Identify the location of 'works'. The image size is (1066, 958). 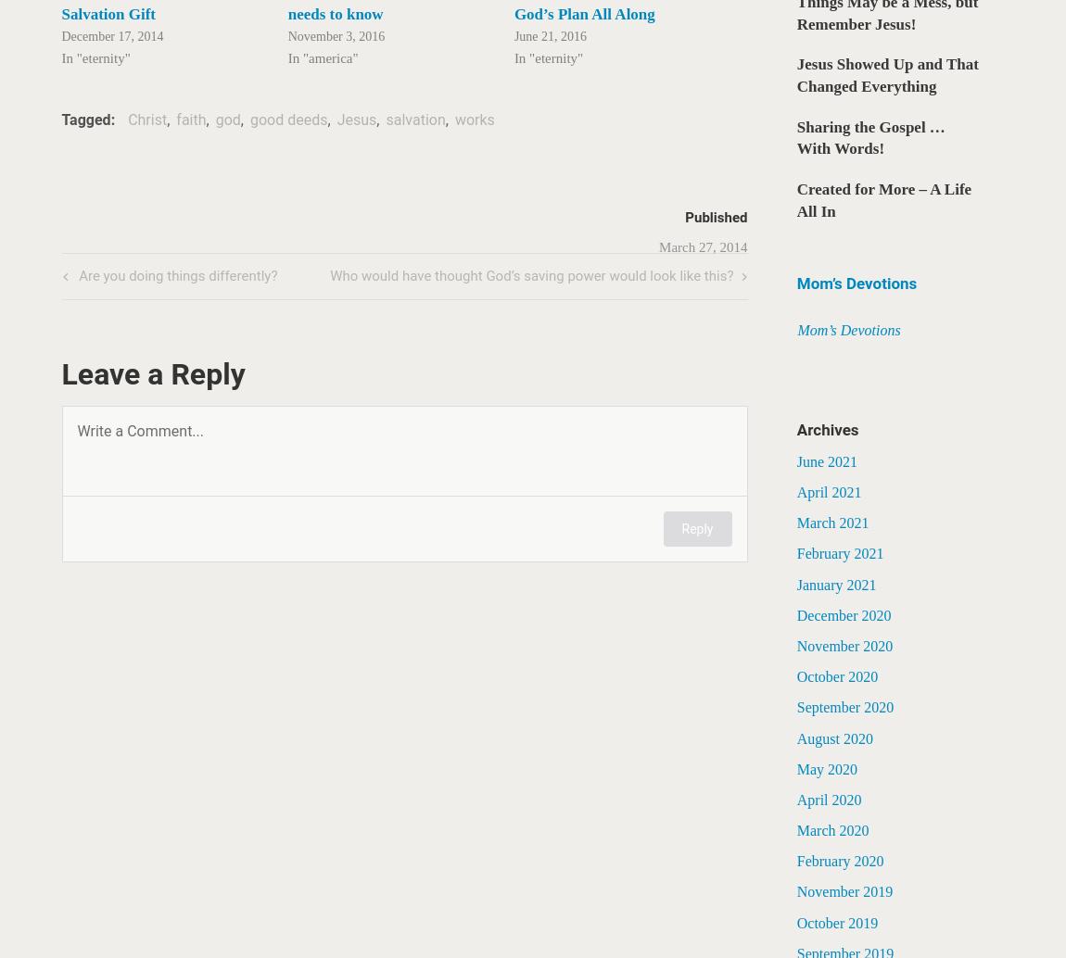
(474, 120).